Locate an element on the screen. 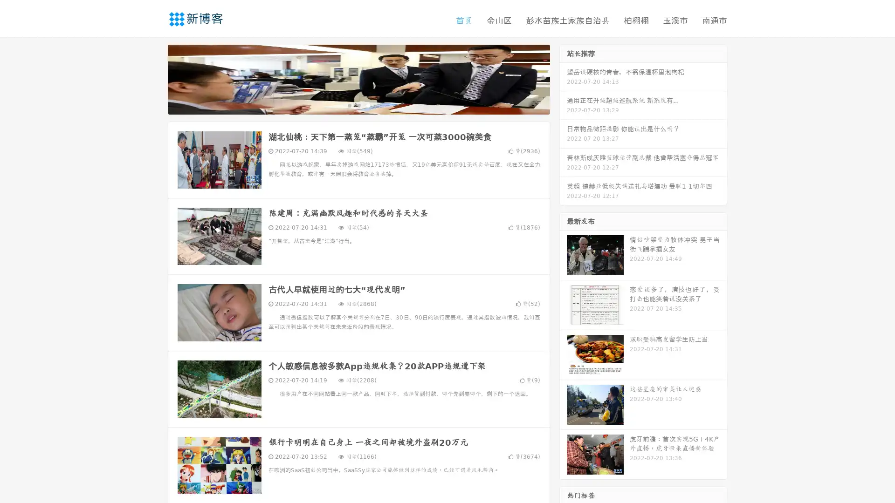 This screenshot has width=895, height=503. Go to slide 3 is located at coordinates (368, 105).